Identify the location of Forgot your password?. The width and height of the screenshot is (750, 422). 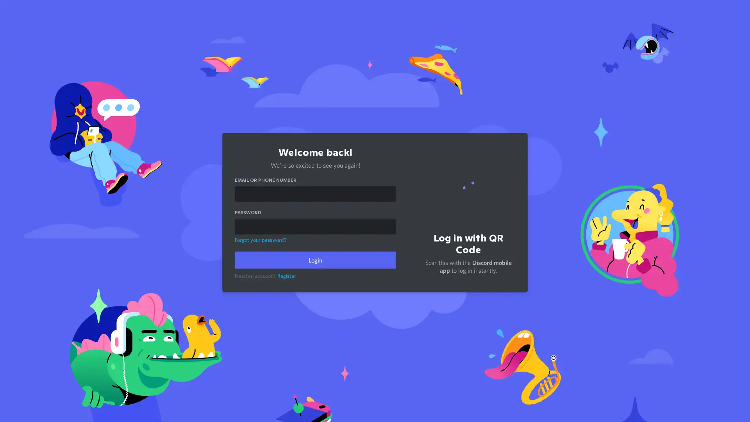
(260, 238).